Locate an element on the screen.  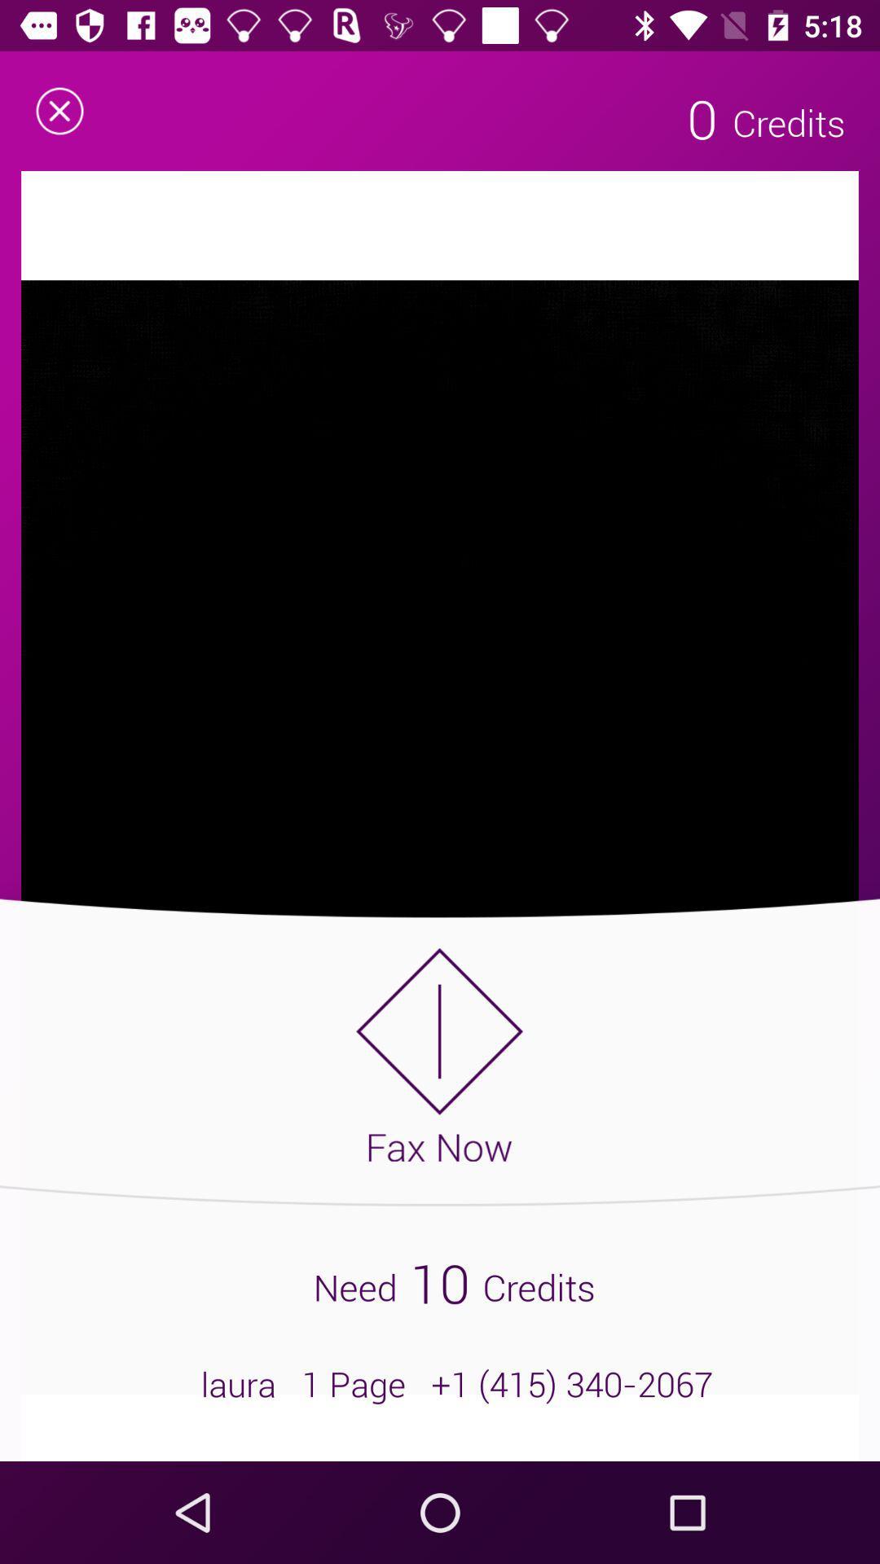
laura 1 page icon is located at coordinates (440, 1383).